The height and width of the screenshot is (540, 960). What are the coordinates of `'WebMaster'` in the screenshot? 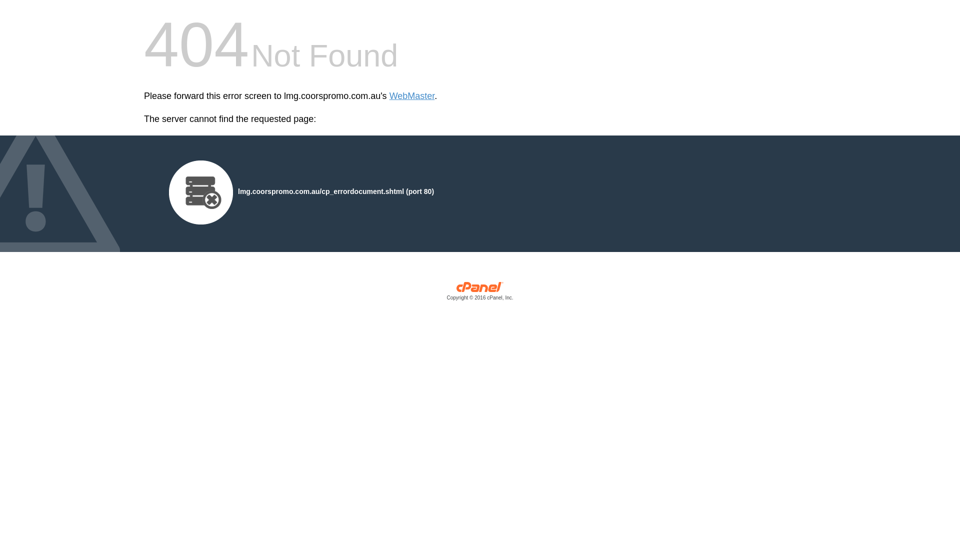 It's located at (412, 96).